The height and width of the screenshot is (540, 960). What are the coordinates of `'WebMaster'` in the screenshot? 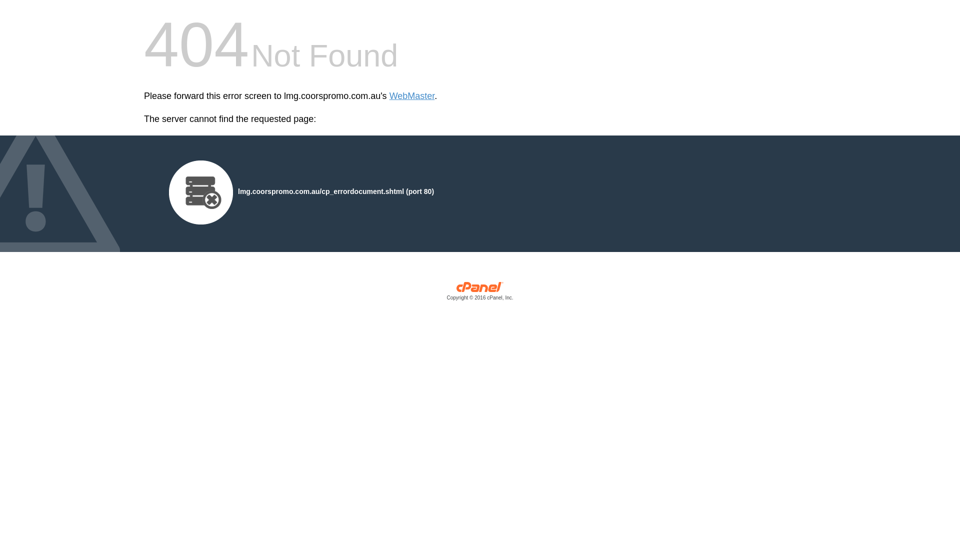 It's located at (412, 96).